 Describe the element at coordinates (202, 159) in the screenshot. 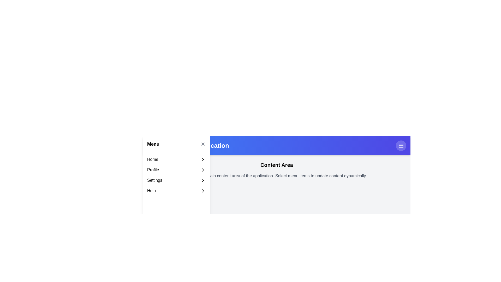

I see `the chevron icon located to the right of the 'Home' menu item in the vertical navigation menu, which indicates that the 'Home' menu can expand or navigate to a dedicated page` at that location.